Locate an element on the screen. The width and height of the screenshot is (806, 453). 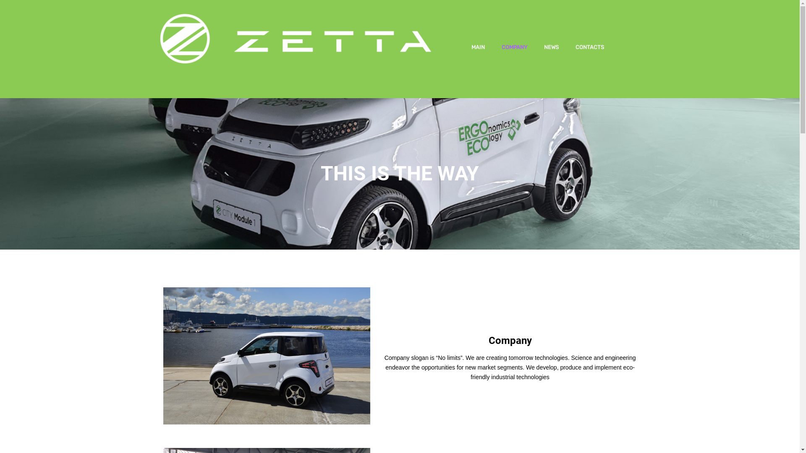
'NEWS' is located at coordinates (551, 47).